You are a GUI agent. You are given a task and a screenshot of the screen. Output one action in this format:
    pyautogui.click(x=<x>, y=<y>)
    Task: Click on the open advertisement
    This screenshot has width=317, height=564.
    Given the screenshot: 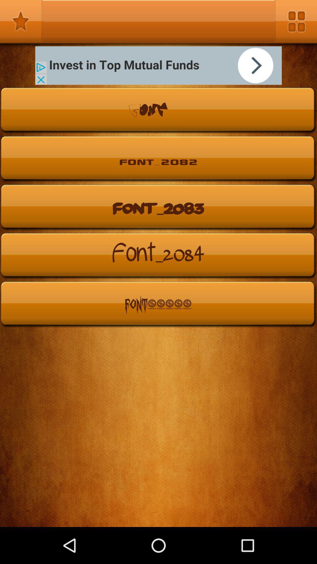 What is the action you would take?
    pyautogui.click(x=158, y=66)
    